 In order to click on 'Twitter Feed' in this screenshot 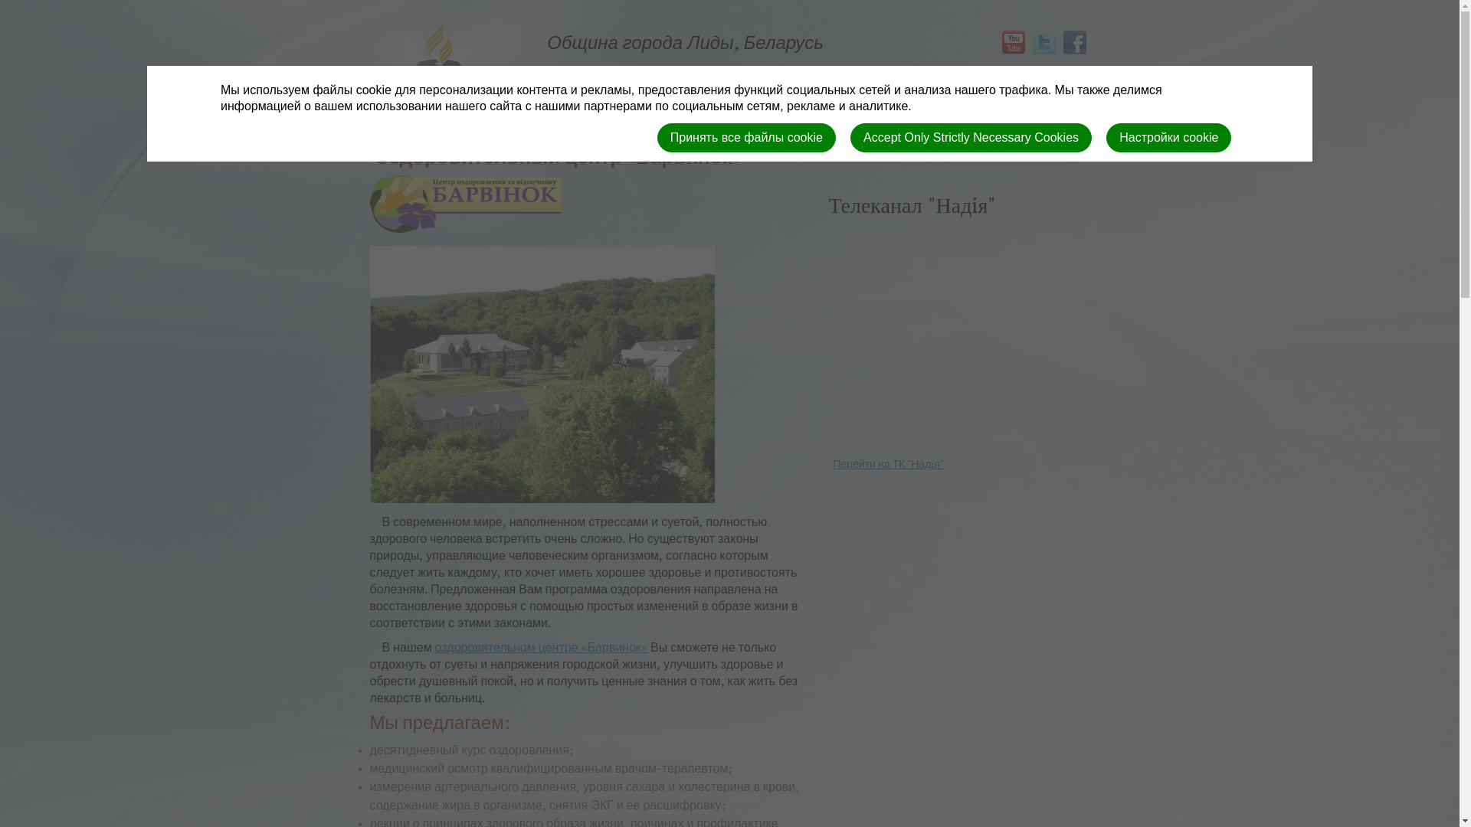, I will do `click(1028, 42)`.